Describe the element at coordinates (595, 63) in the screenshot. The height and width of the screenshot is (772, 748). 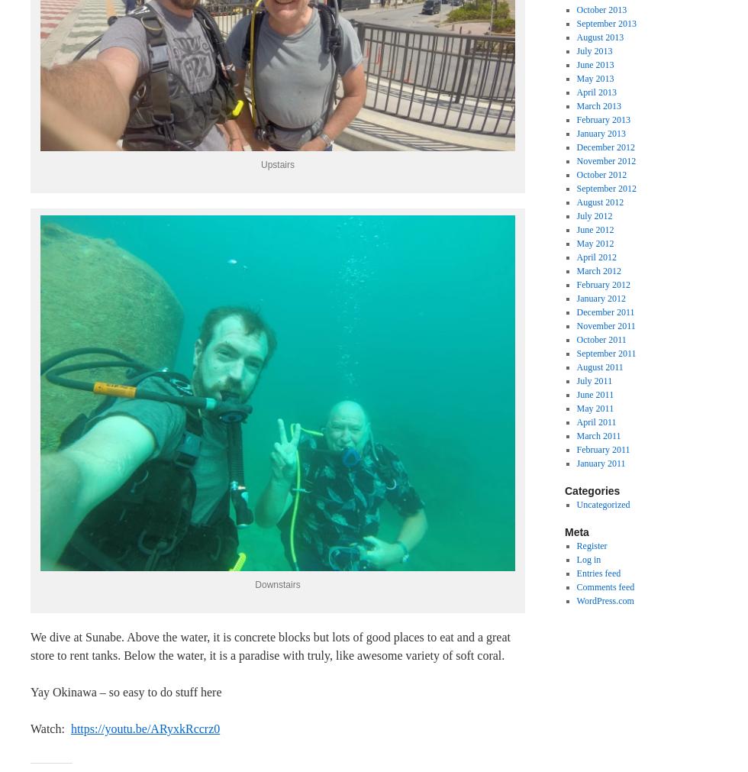
I see `'June 2013'` at that location.